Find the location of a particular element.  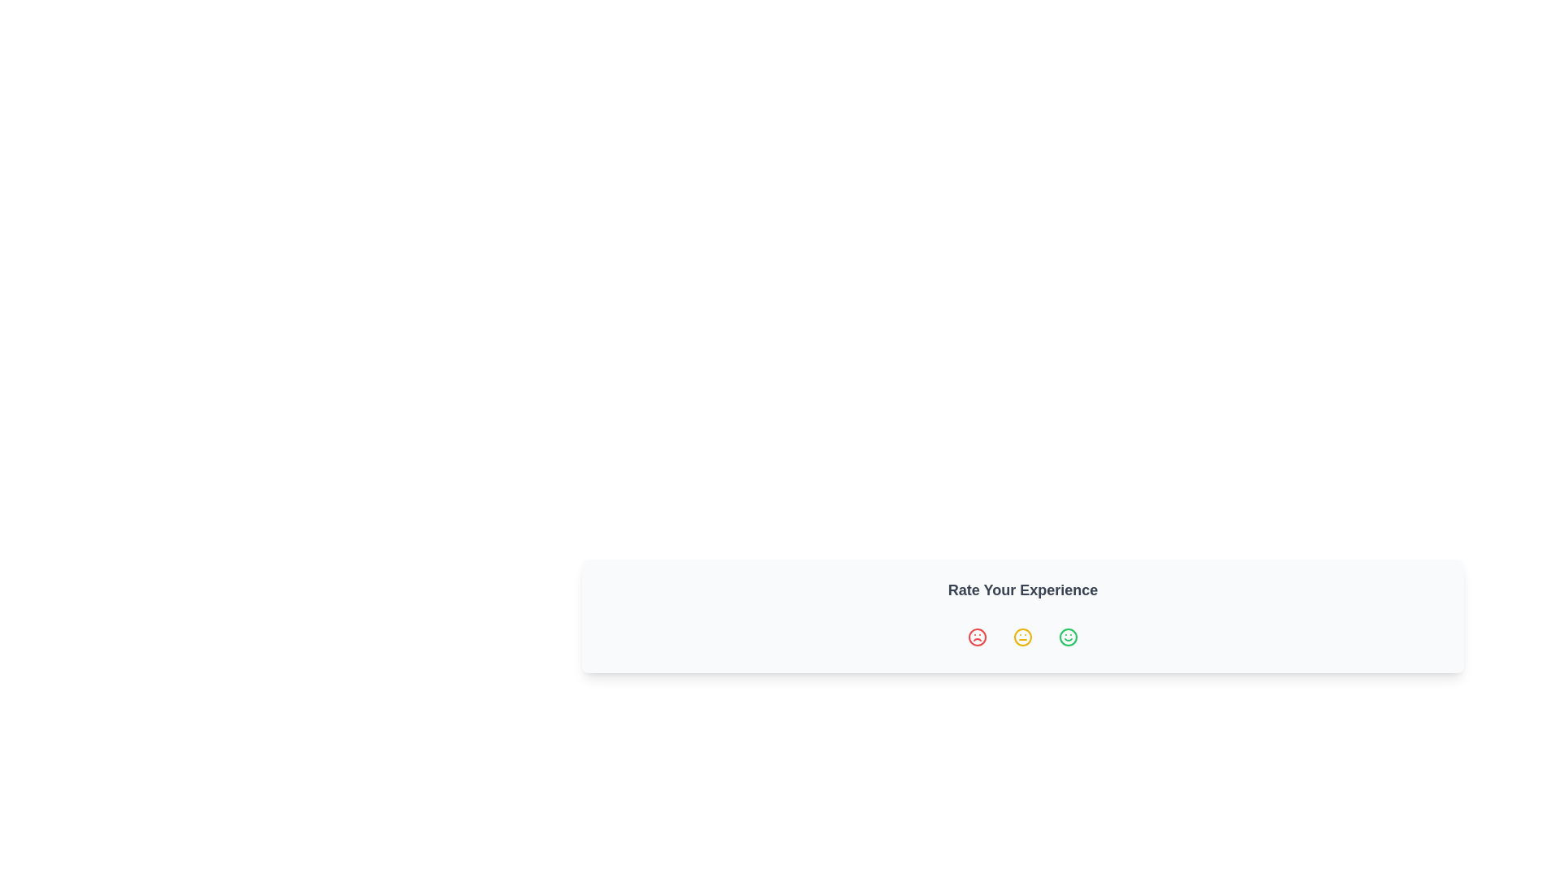

the 'Very Satisfied' rating button located to the right of the neutral face icon in the user feedback interface is located at coordinates (1068, 637).